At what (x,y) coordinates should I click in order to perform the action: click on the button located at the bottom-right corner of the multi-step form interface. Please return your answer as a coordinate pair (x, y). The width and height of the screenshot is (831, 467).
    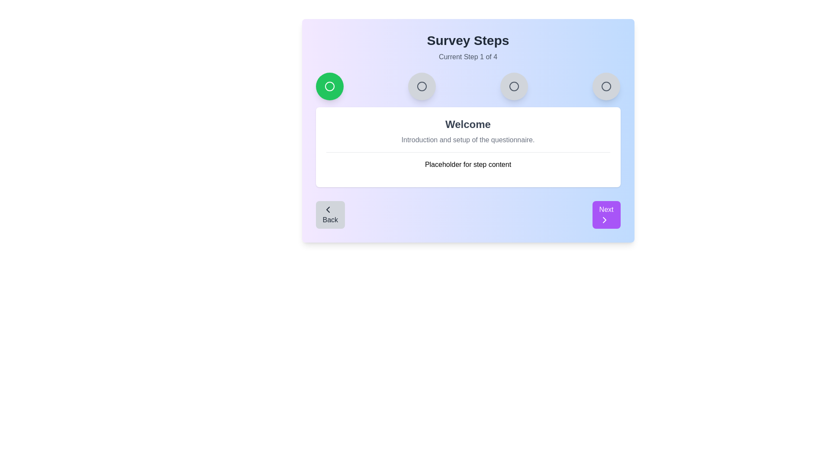
    Looking at the image, I should click on (606, 214).